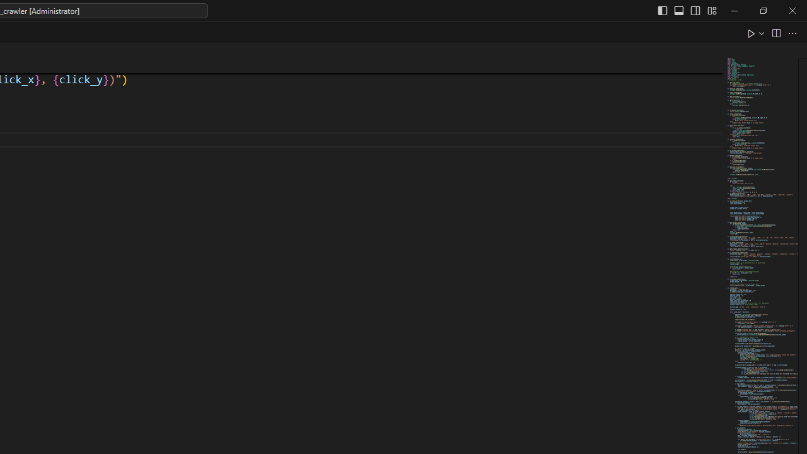 Image resolution: width=807 pixels, height=454 pixels. Describe the element at coordinates (678, 10) in the screenshot. I see `'Toggle Panel (Ctrl+J)'` at that location.